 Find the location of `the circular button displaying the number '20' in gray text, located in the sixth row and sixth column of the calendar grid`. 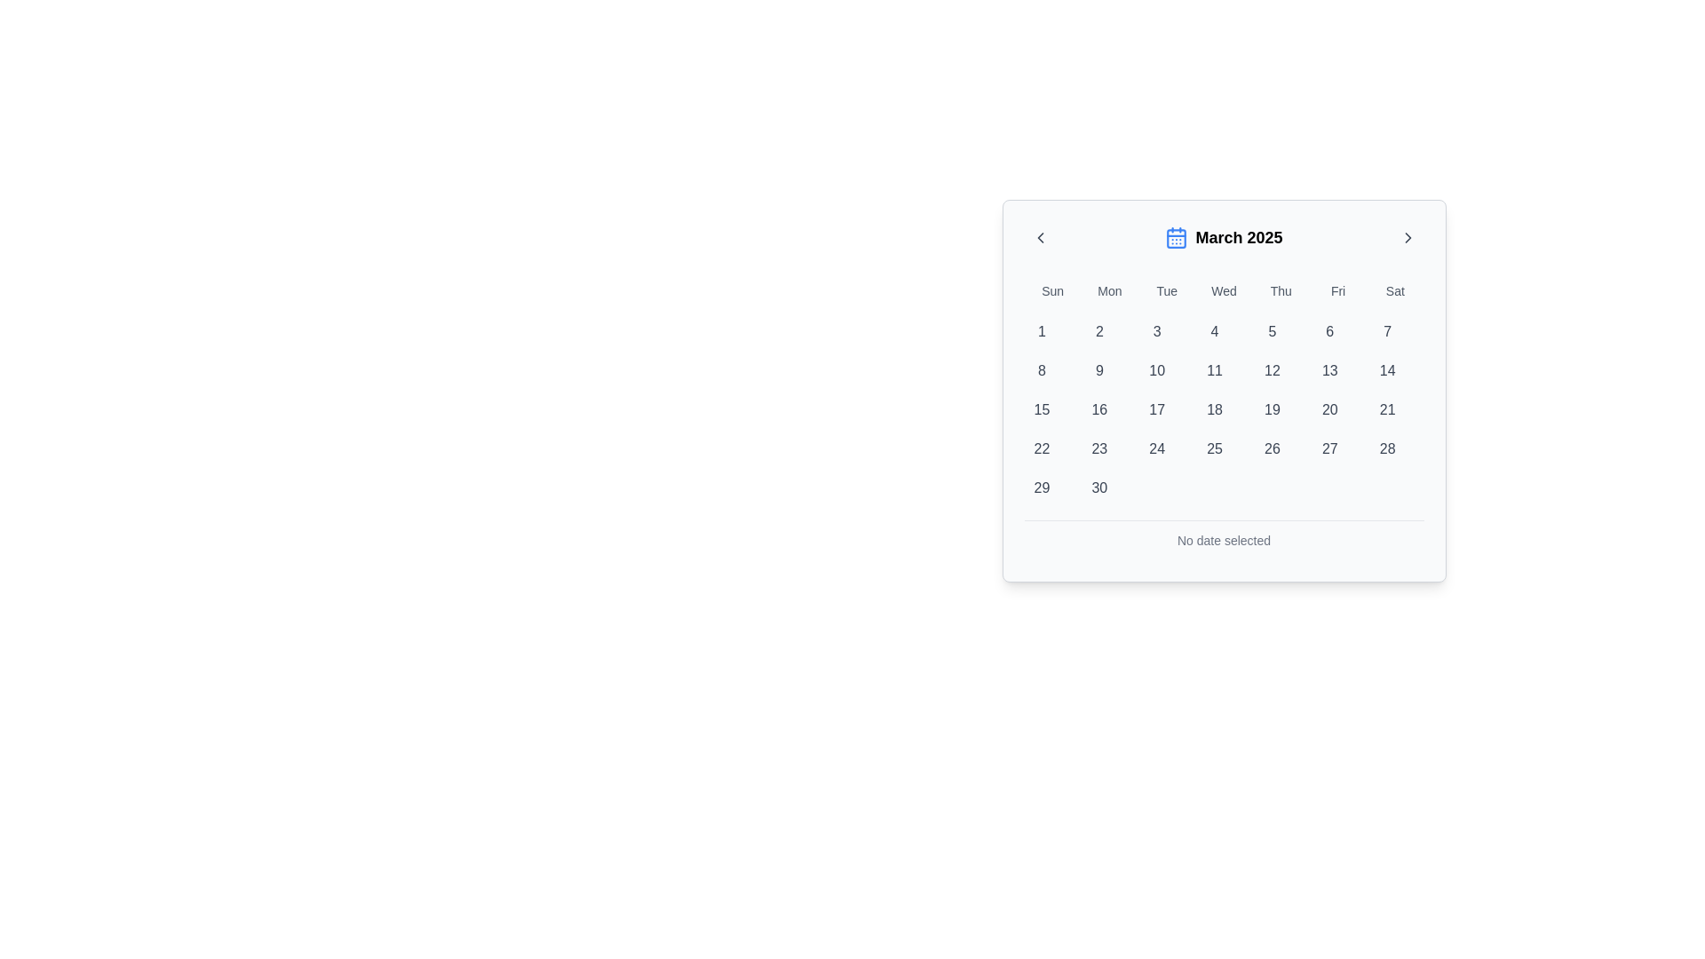

the circular button displaying the number '20' in gray text, located in the sixth row and sixth column of the calendar grid is located at coordinates (1329, 410).